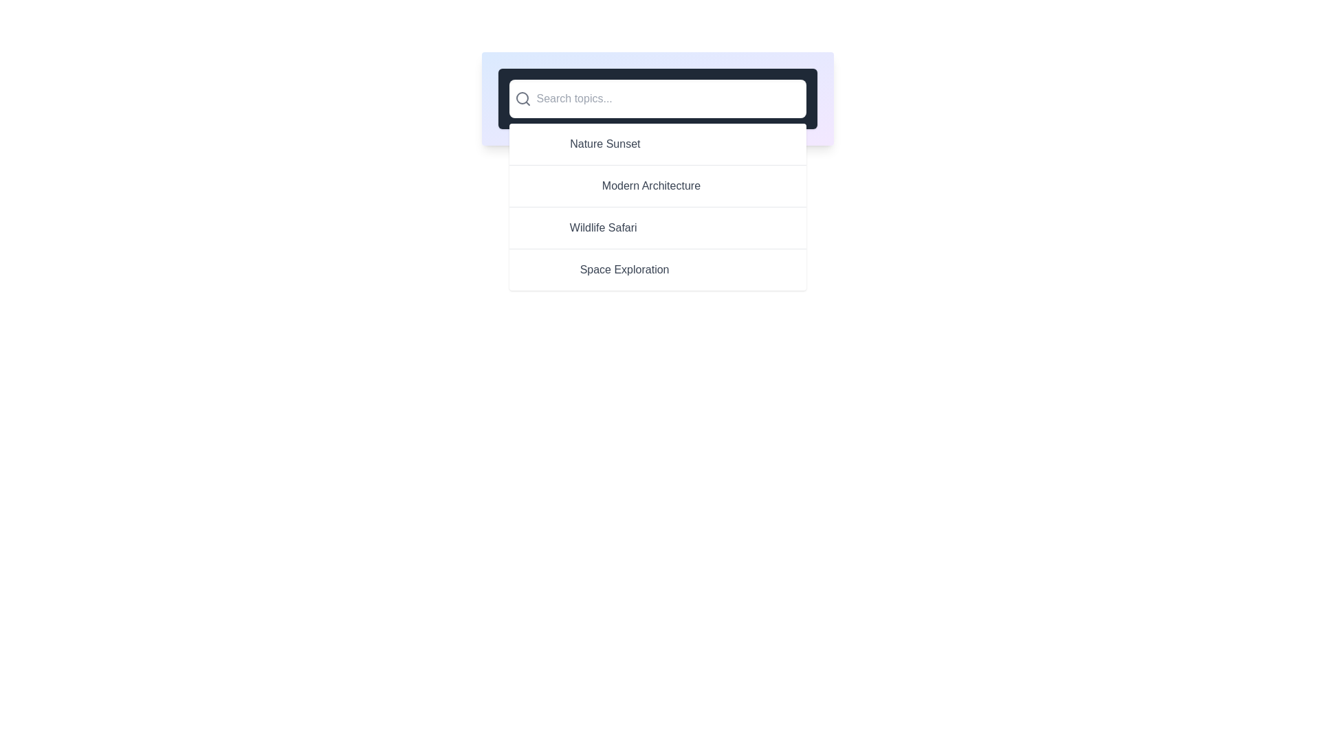 Image resolution: width=1320 pixels, height=742 pixels. What do you see at coordinates (657, 185) in the screenshot?
I see `the second selectable item in the dropdown menu, which is located directly below 'Nature Sunset' and above 'Wildlife Safari'` at bounding box center [657, 185].